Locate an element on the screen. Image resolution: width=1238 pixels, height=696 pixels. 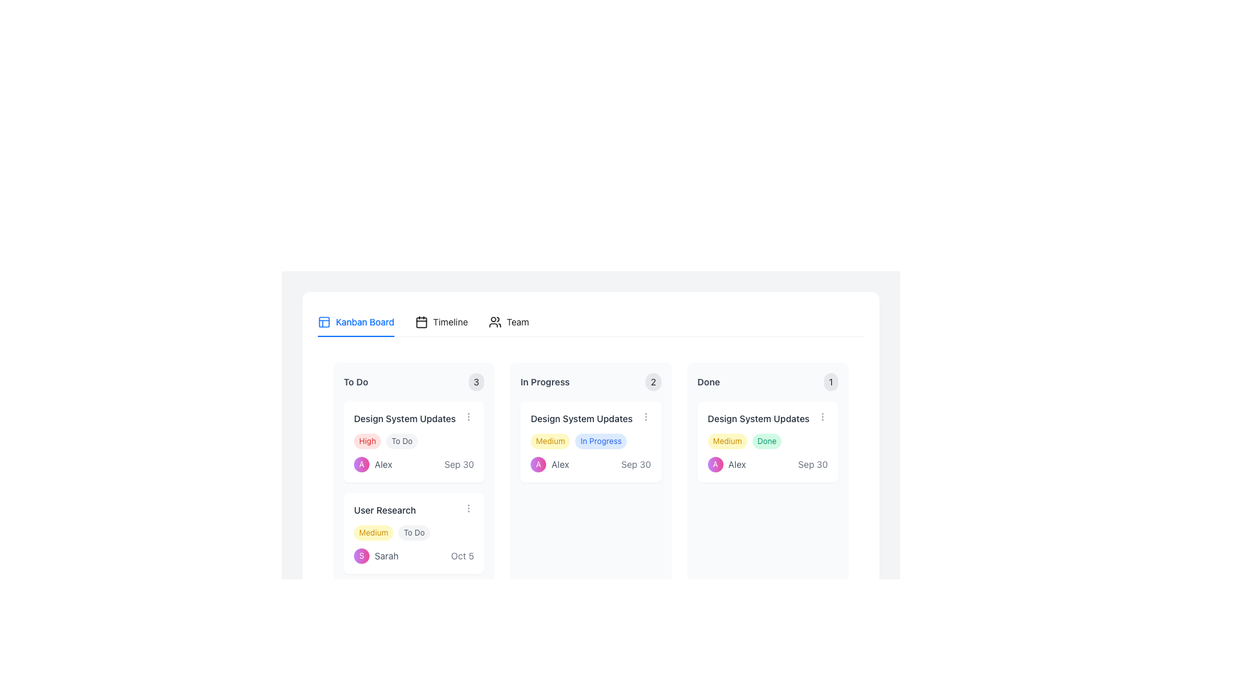
the compound component consisting of two text labels indicating the priority ('Medium') and the current status ('To Do') of the task on the 'User Research' card in the 'To Do' column is located at coordinates (414, 532).